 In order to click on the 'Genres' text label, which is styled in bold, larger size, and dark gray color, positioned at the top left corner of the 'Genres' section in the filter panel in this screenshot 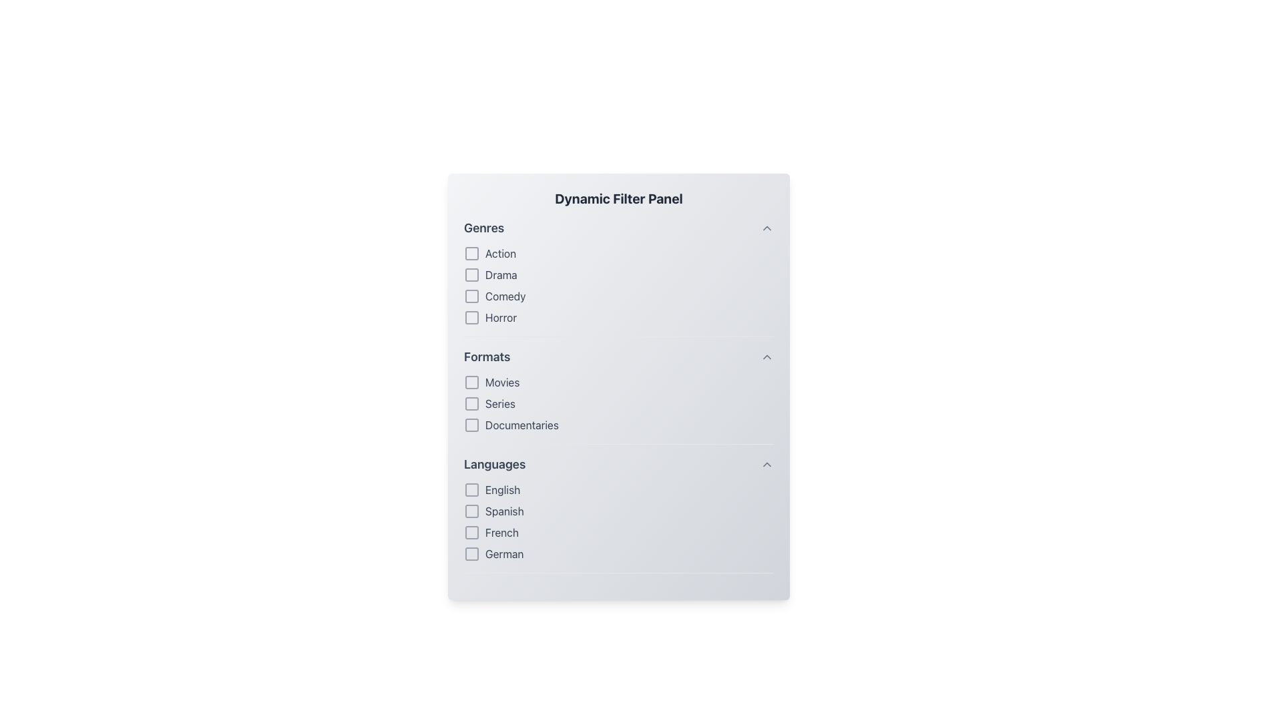, I will do `click(483, 228)`.